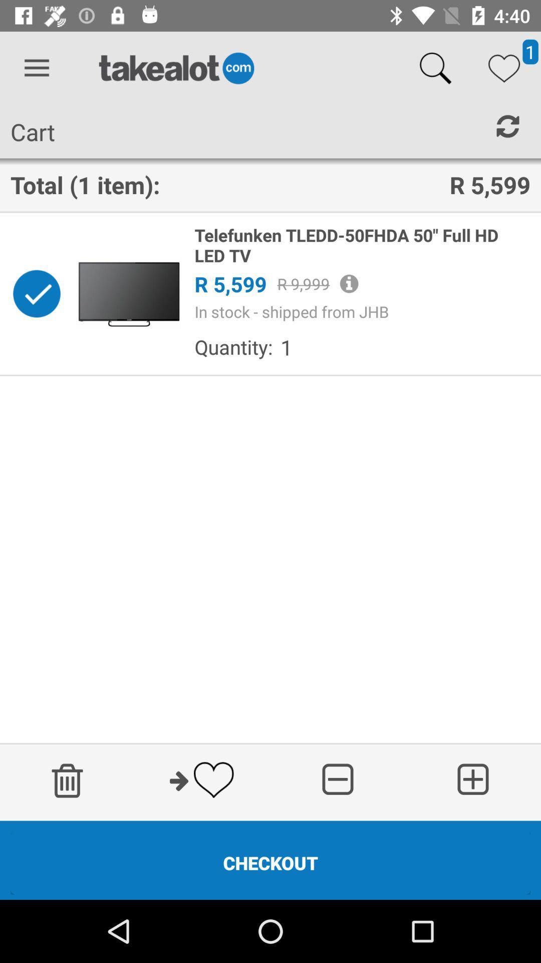 The image size is (541, 963). Describe the element at coordinates (36, 293) in the screenshot. I see `remove from cart` at that location.